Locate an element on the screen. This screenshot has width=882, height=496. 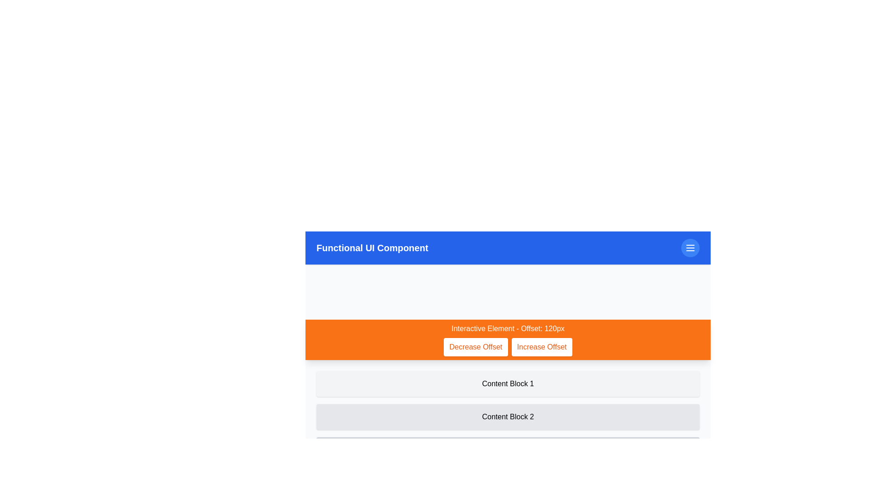
the 'Increase Offset' button in the Button Group located within the orange bar labeled 'Interactive Element - Offset: 120px' to increase the offset value is located at coordinates (507, 347).